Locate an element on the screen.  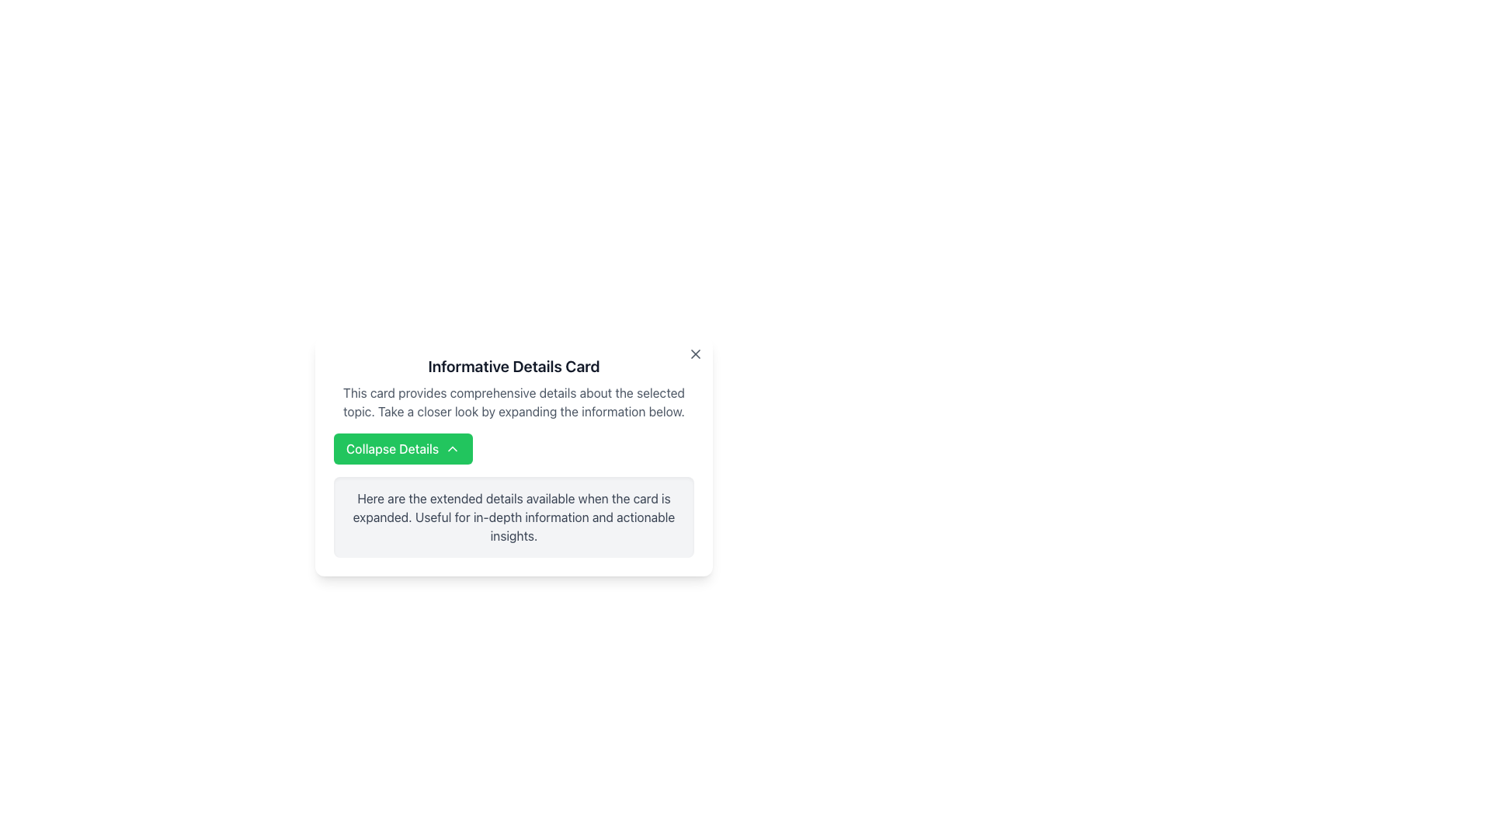
the close button icon represented by a small 'X' at the top-right corner of the card layout is located at coordinates (695, 353).